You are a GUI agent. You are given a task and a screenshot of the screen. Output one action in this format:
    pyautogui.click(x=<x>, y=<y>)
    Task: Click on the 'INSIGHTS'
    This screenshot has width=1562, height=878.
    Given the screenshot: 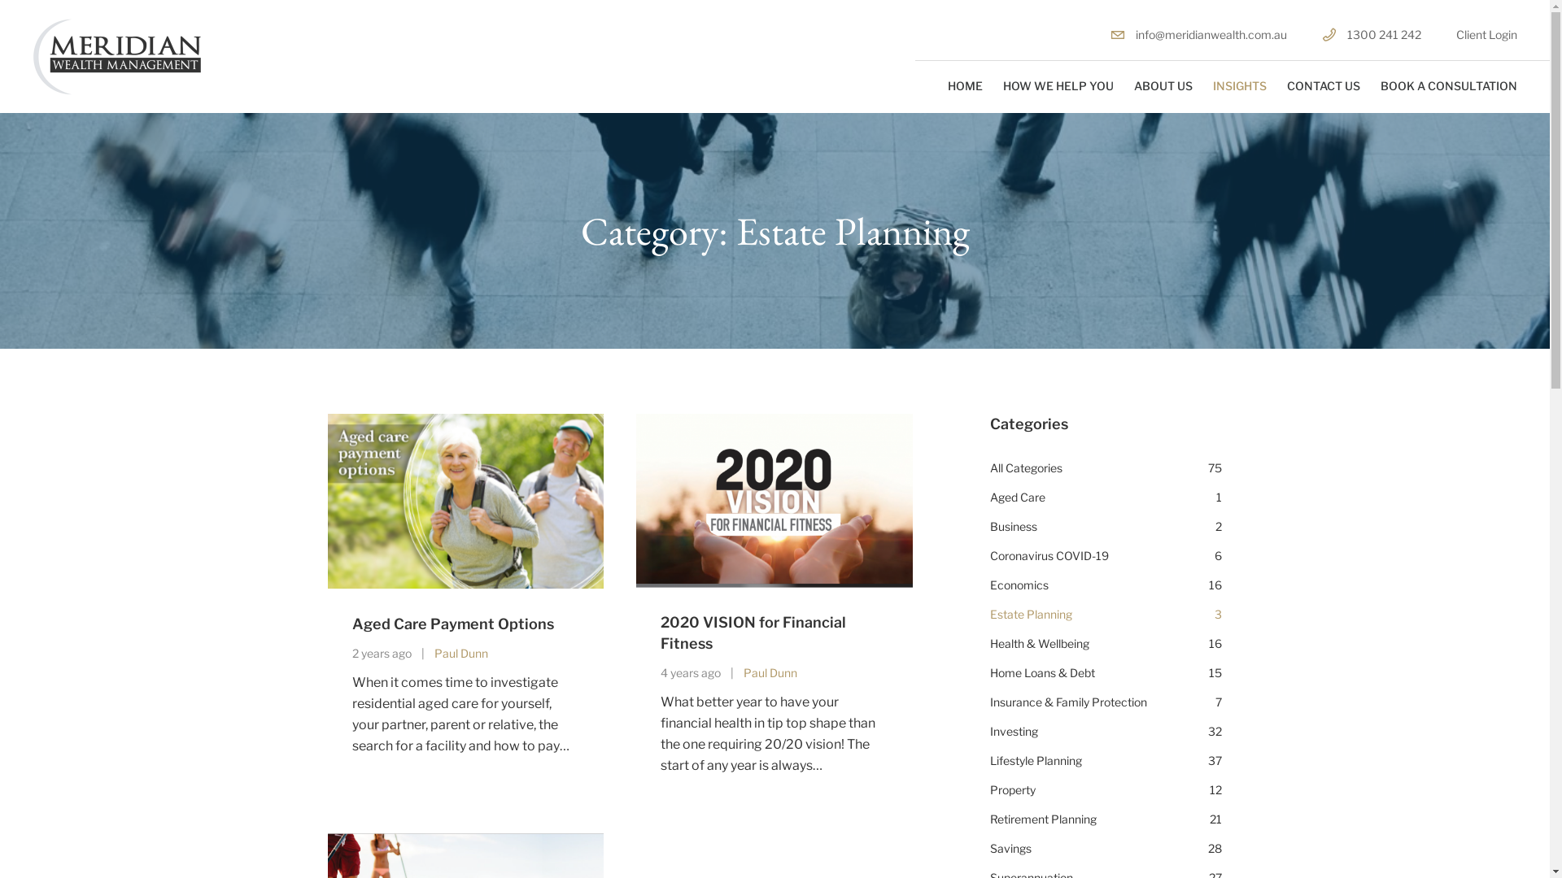 What is the action you would take?
    pyautogui.click(x=1238, y=85)
    